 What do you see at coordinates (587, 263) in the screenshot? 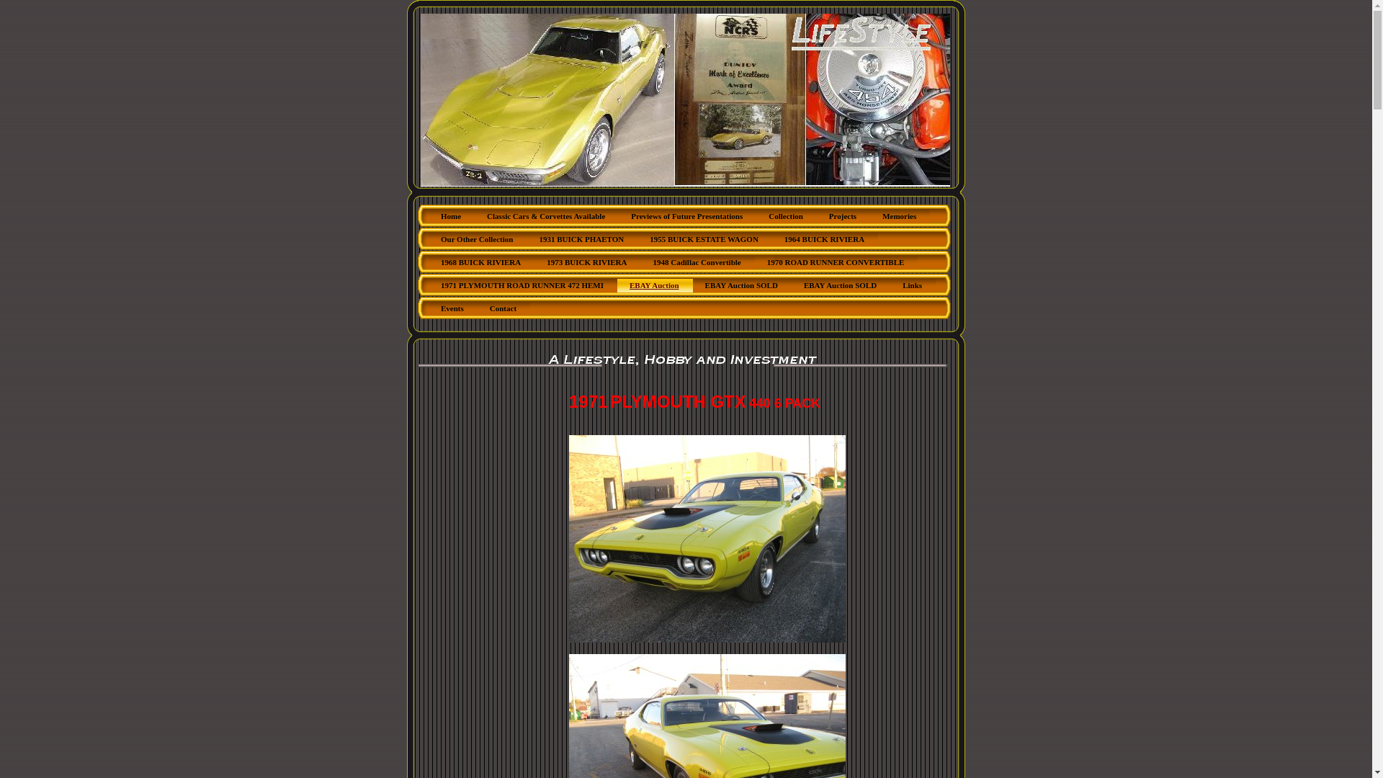
I see `'1973 BUICK RIVIERA'` at bounding box center [587, 263].